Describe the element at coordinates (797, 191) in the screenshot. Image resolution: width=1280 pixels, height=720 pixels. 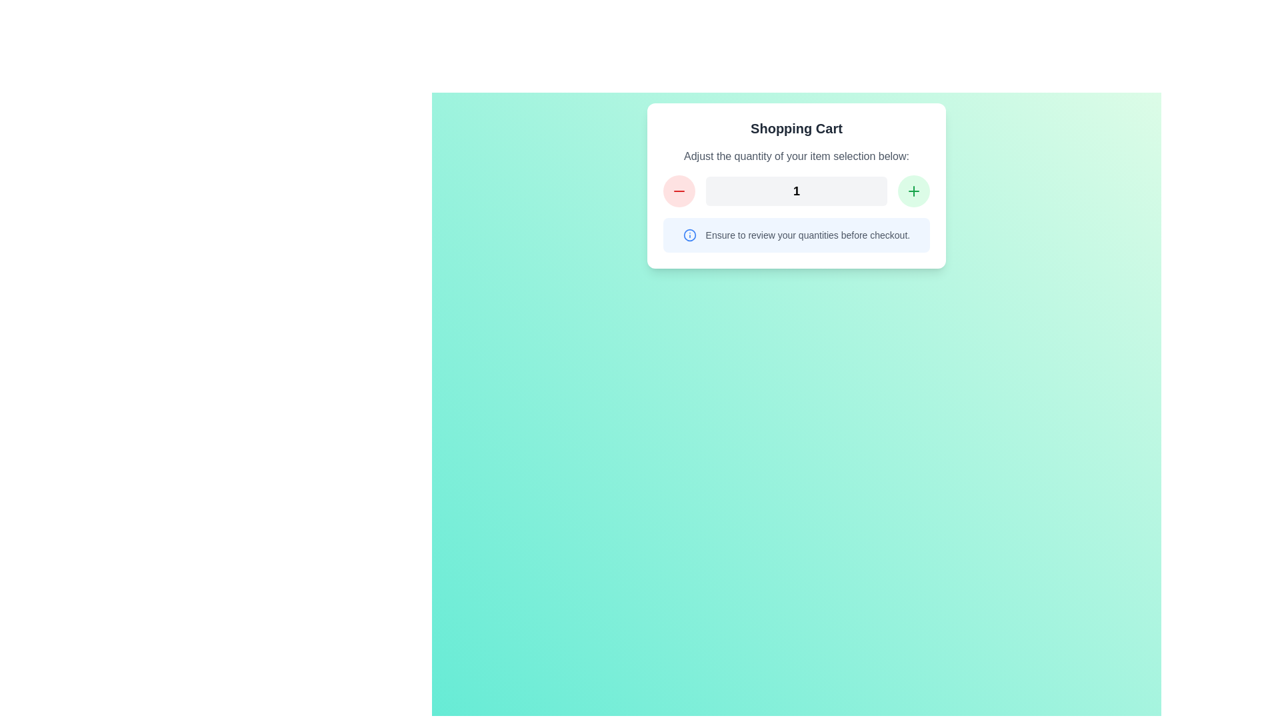
I see `the static text display that shows the number '1' in a bold, large font, which is centrally aligned in a light gray rectangular box within the 'Shopping Cart' card` at that location.